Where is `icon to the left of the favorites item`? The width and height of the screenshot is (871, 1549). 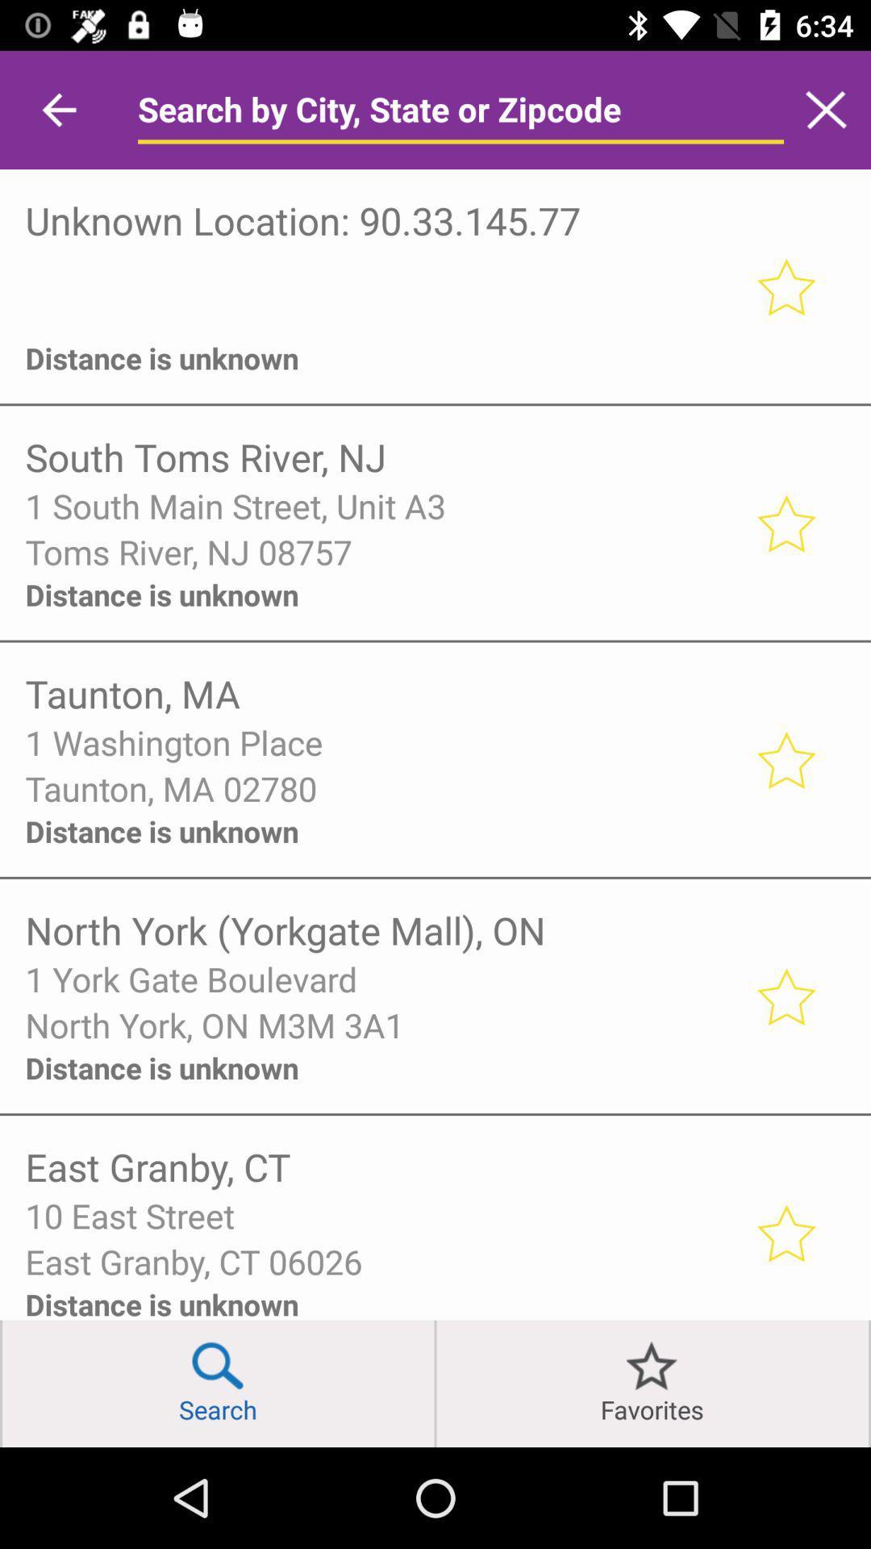
icon to the left of the favorites item is located at coordinates (435, 1383).